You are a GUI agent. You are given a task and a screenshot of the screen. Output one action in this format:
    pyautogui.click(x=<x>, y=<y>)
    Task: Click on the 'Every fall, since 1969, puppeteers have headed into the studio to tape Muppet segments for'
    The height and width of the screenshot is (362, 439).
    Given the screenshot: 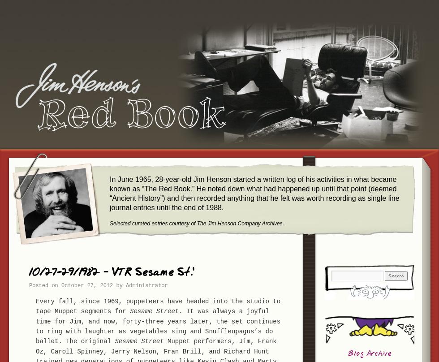 What is the action you would take?
    pyautogui.click(x=158, y=306)
    